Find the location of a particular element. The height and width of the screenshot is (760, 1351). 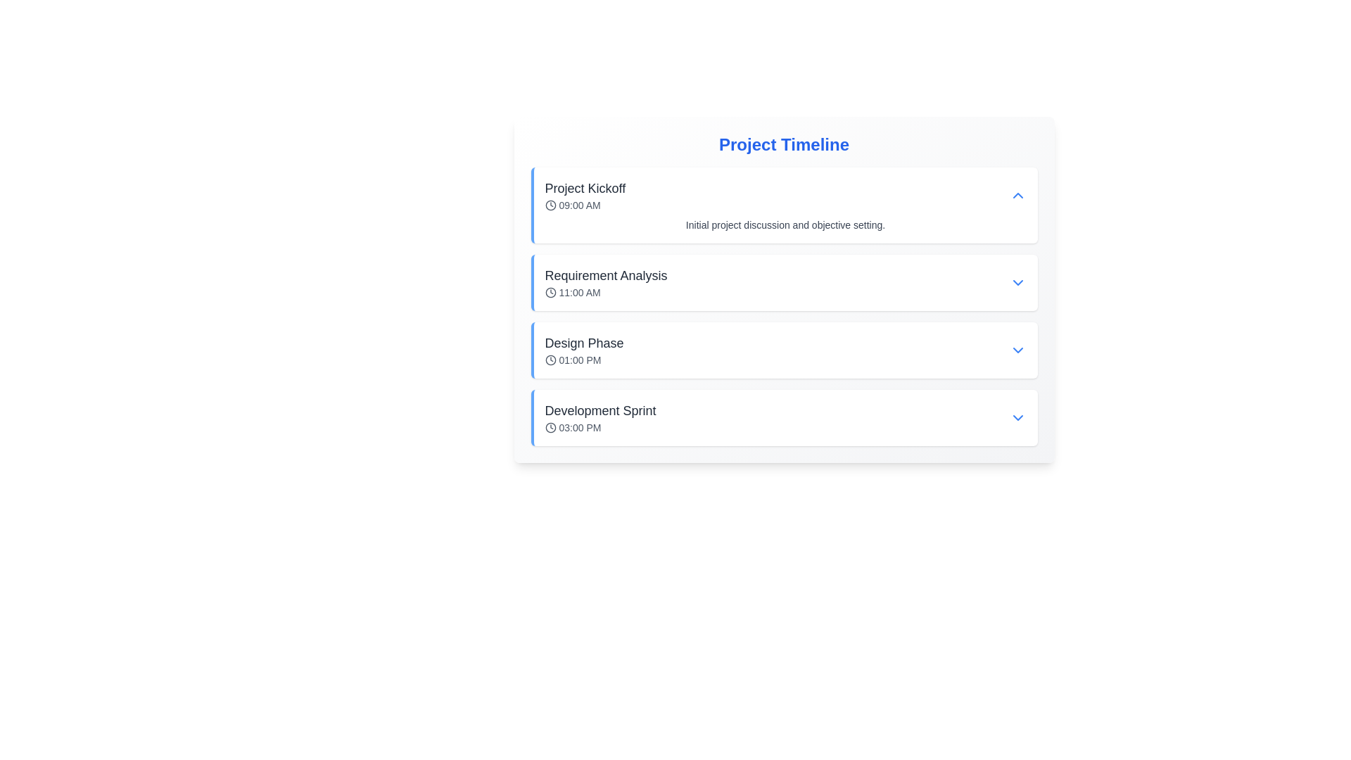

the '01:00 PM' time display in the timeline section under the 'Design Phase' entry to focus is located at coordinates (584, 360).